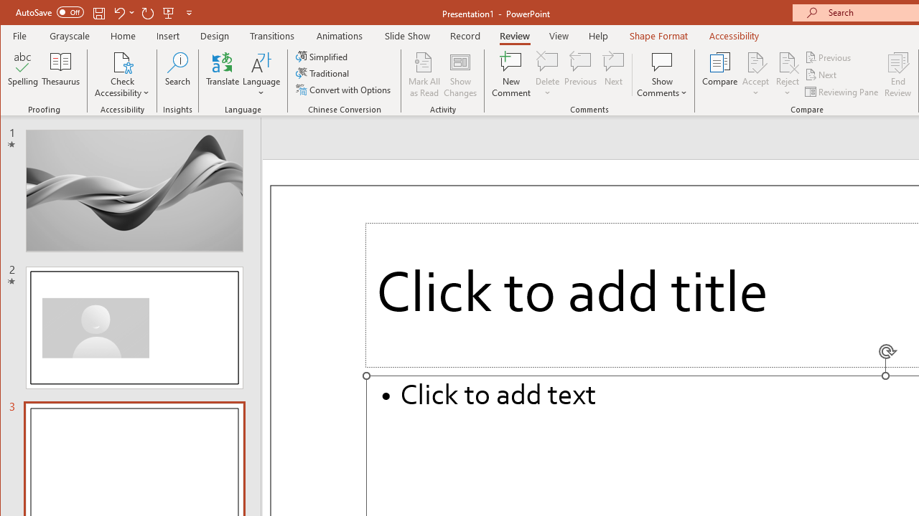  I want to click on 'Check Accessibility', so click(122, 75).